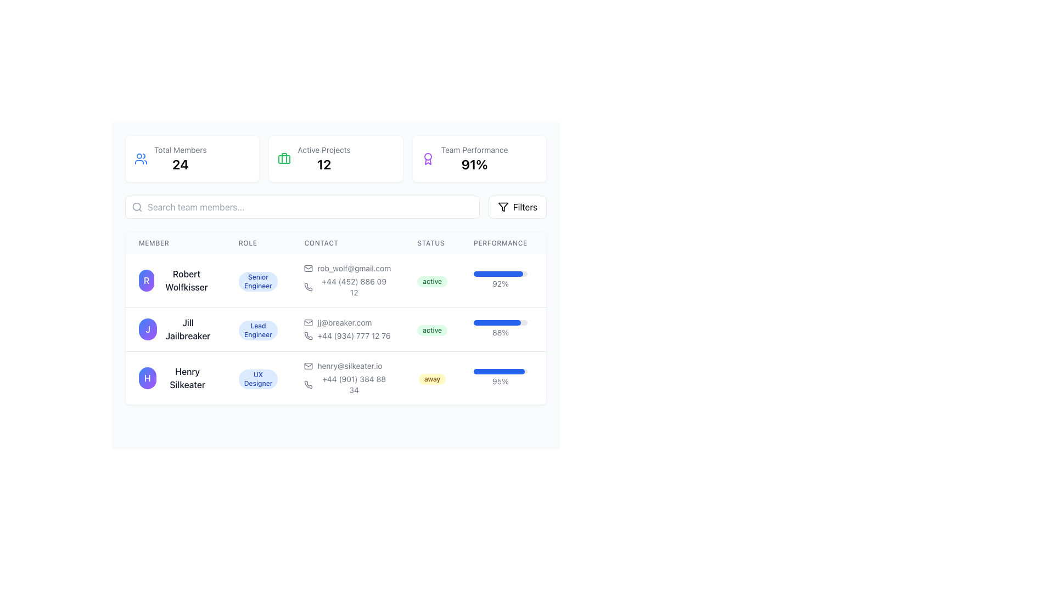 This screenshot has height=592, width=1054. Describe the element at coordinates (347, 384) in the screenshot. I see `the phone number display located below the email address 'henry@silkeater.io', which is part of the third row of a table, right of the phone icon` at that location.